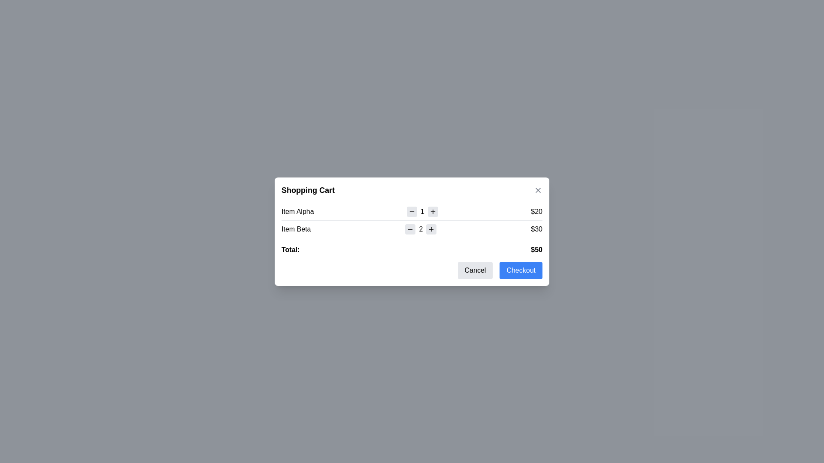 Image resolution: width=824 pixels, height=463 pixels. I want to click on details of items and the total price in the 'Shopping Cart' modal dialog, which includes item labels, quantity controls, and the total summary, so click(412, 231).